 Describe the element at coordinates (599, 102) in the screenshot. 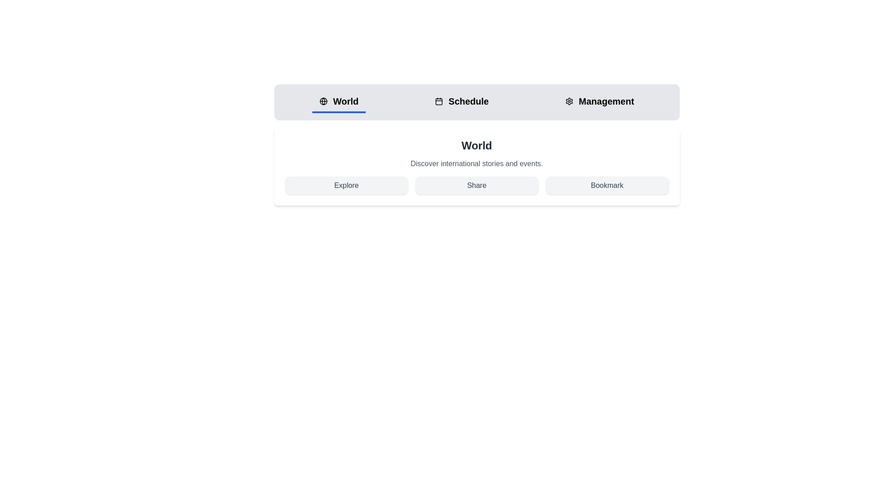

I see `the Management tab by clicking on it` at that location.